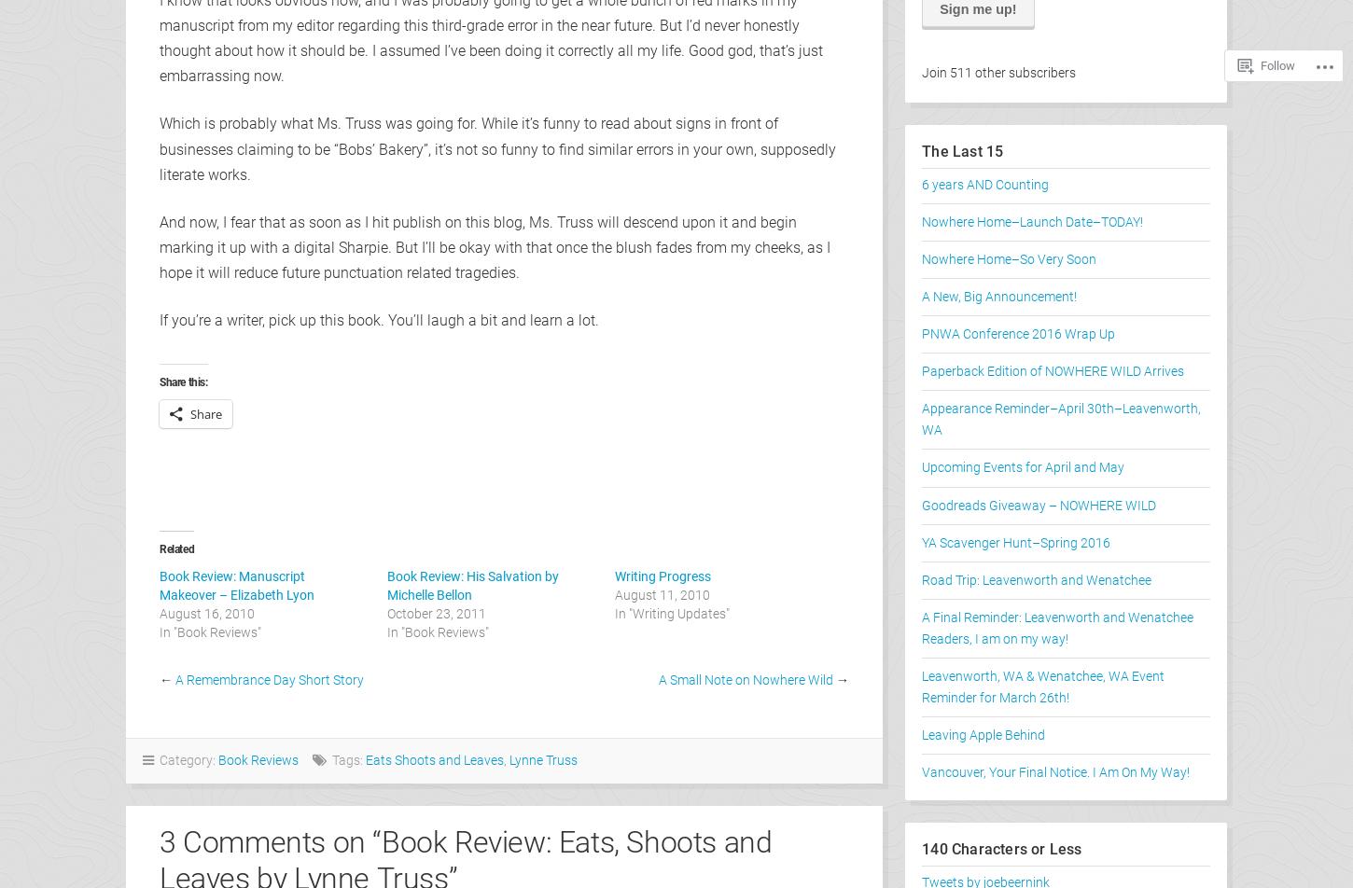 Image resolution: width=1353 pixels, height=888 pixels. Describe the element at coordinates (258, 759) in the screenshot. I see `'Book Reviews'` at that location.